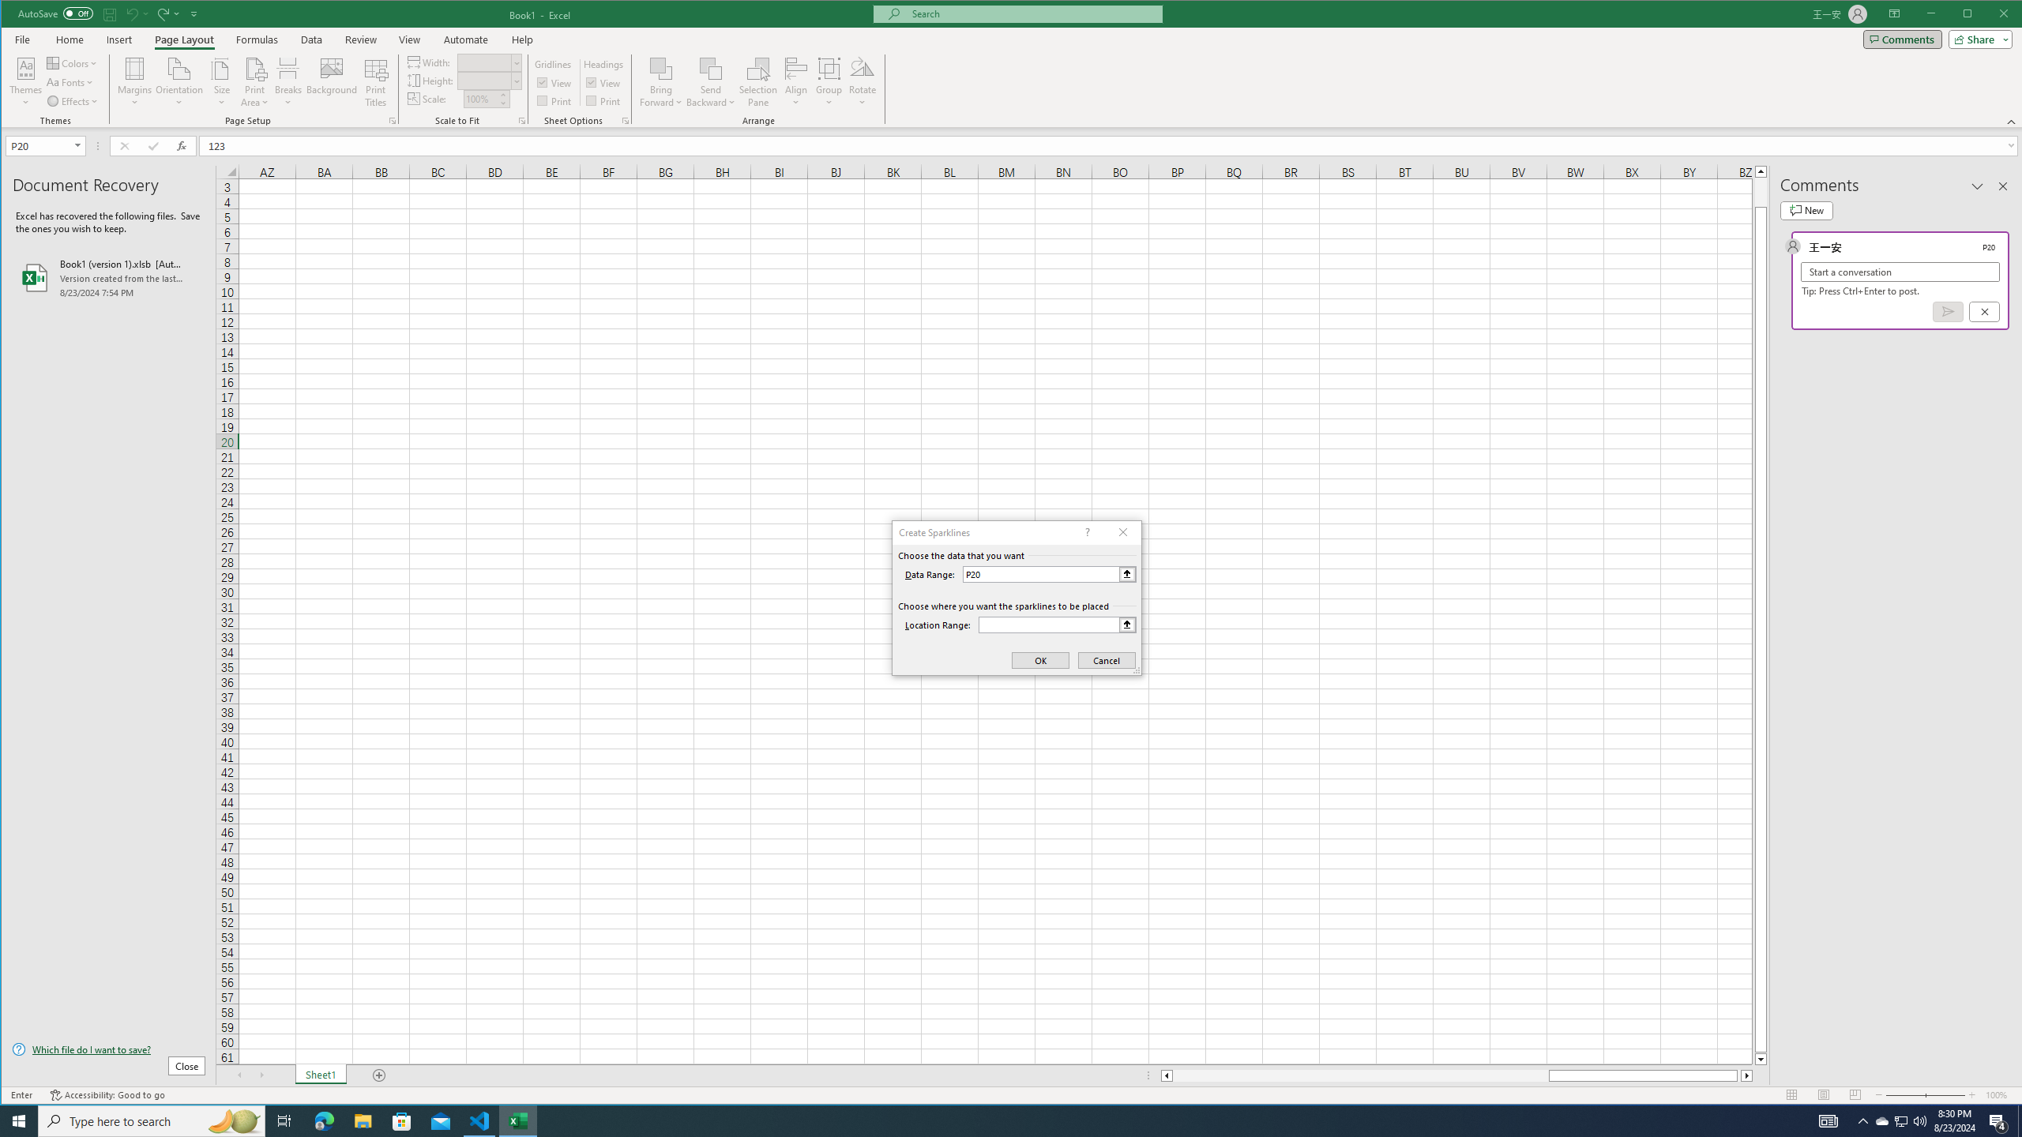 The width and height of the screenshot is (2022, 1137). Describe the element at coordinates (661, 67) in the screenshot. I see `'Bring Forward'` at that location.